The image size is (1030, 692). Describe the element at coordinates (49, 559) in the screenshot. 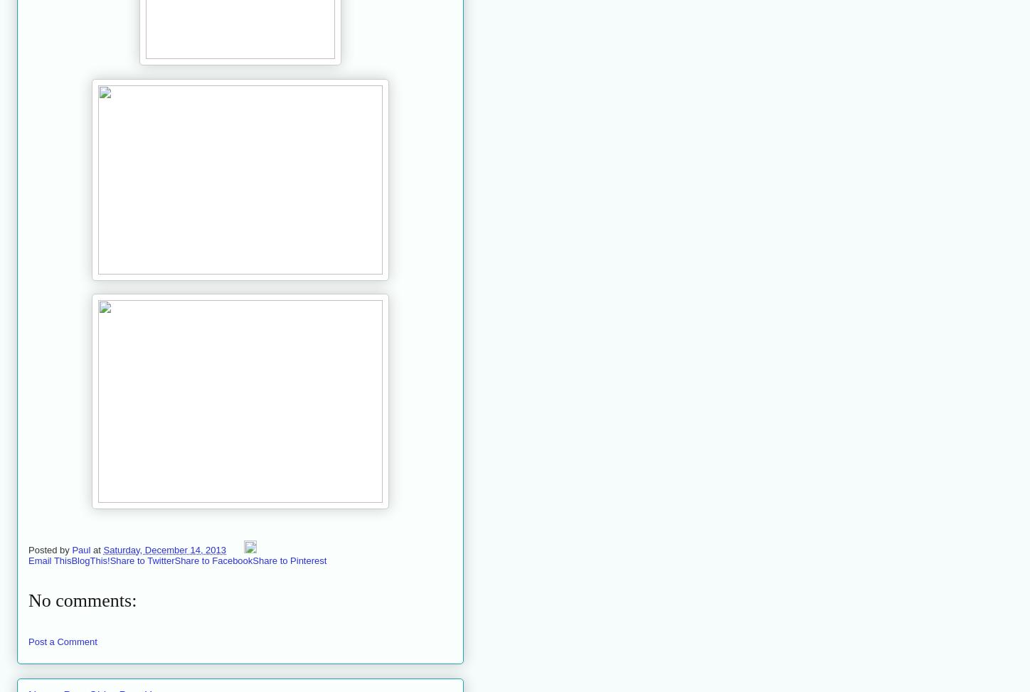

I see `'Email This'` at that location.